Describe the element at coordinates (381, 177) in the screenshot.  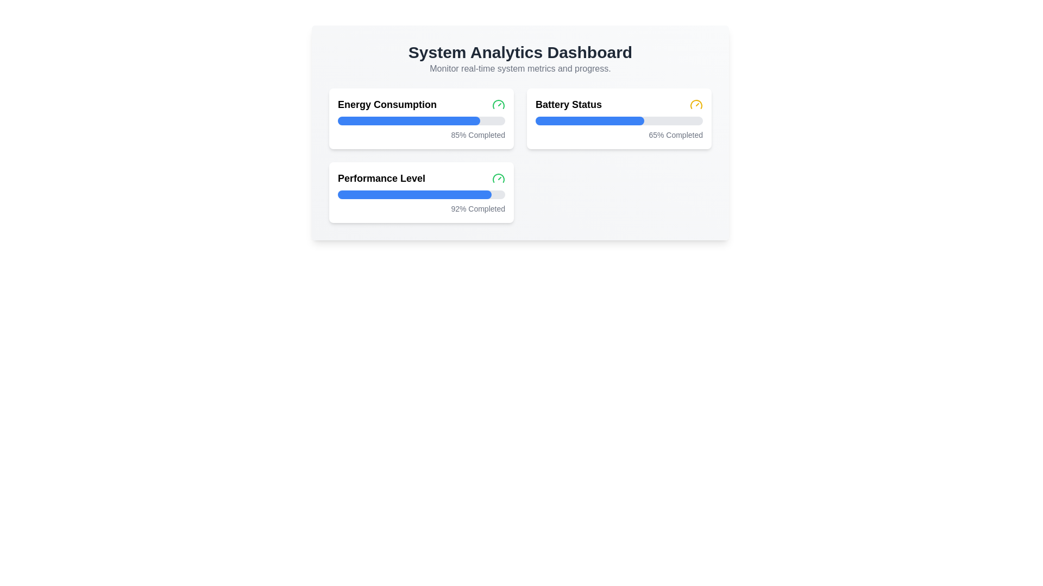
I see `the 'Performance Level' text label, which is a bold, prominent heading in a medium-large sans-serif font located in the bottom-left card of a grid layout` at that location.